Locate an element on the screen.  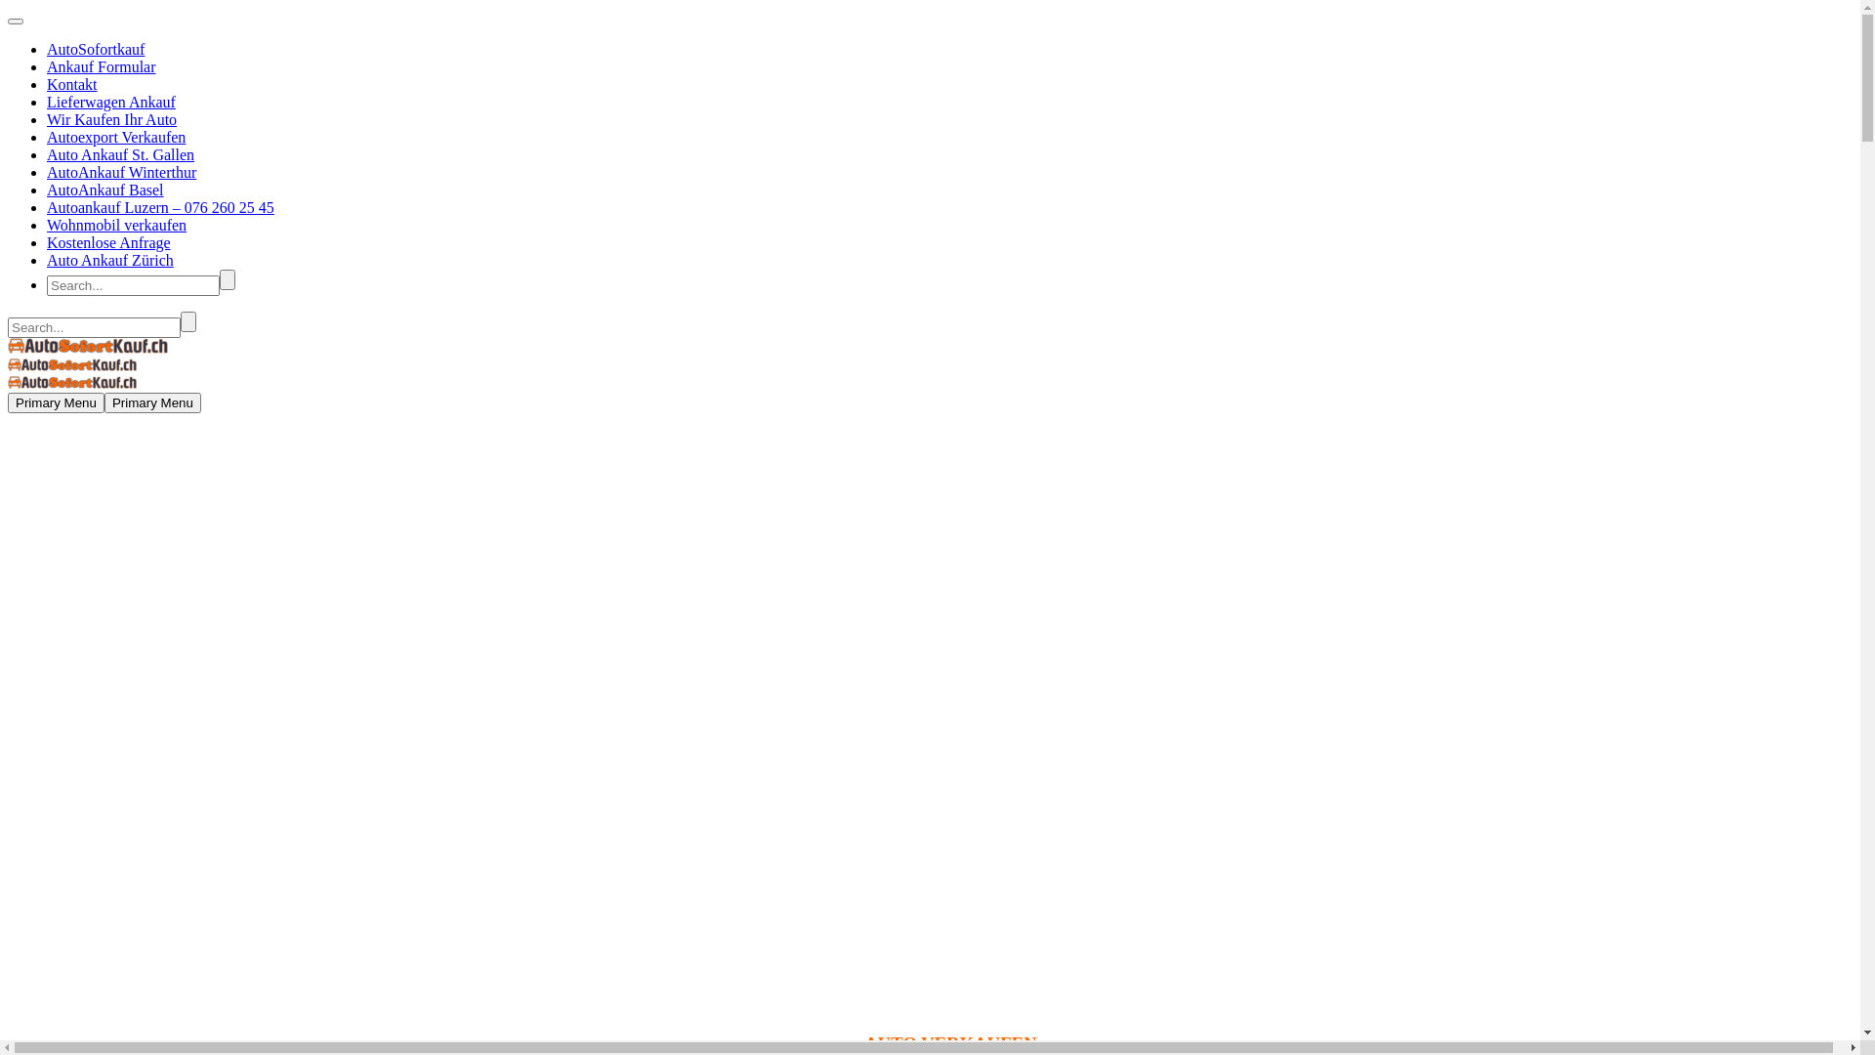
'Lieferwagen Ankauf' is located at coordinates (47, 102).